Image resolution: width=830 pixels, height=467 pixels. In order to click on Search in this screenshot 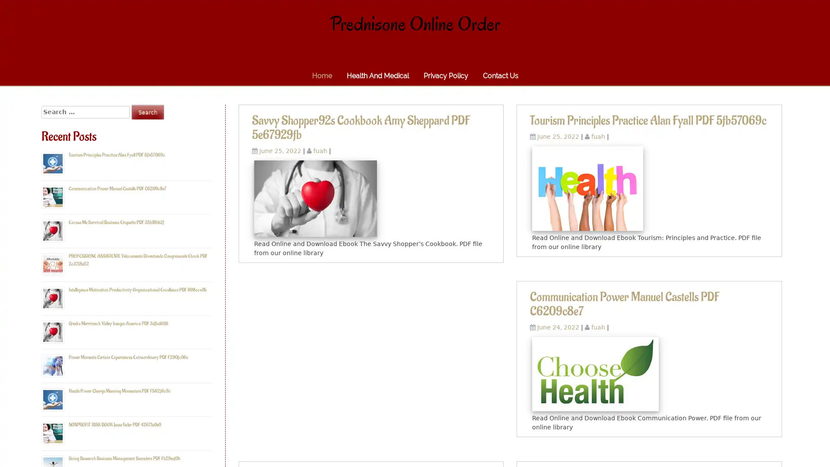, I will do `click(147, 112)`.